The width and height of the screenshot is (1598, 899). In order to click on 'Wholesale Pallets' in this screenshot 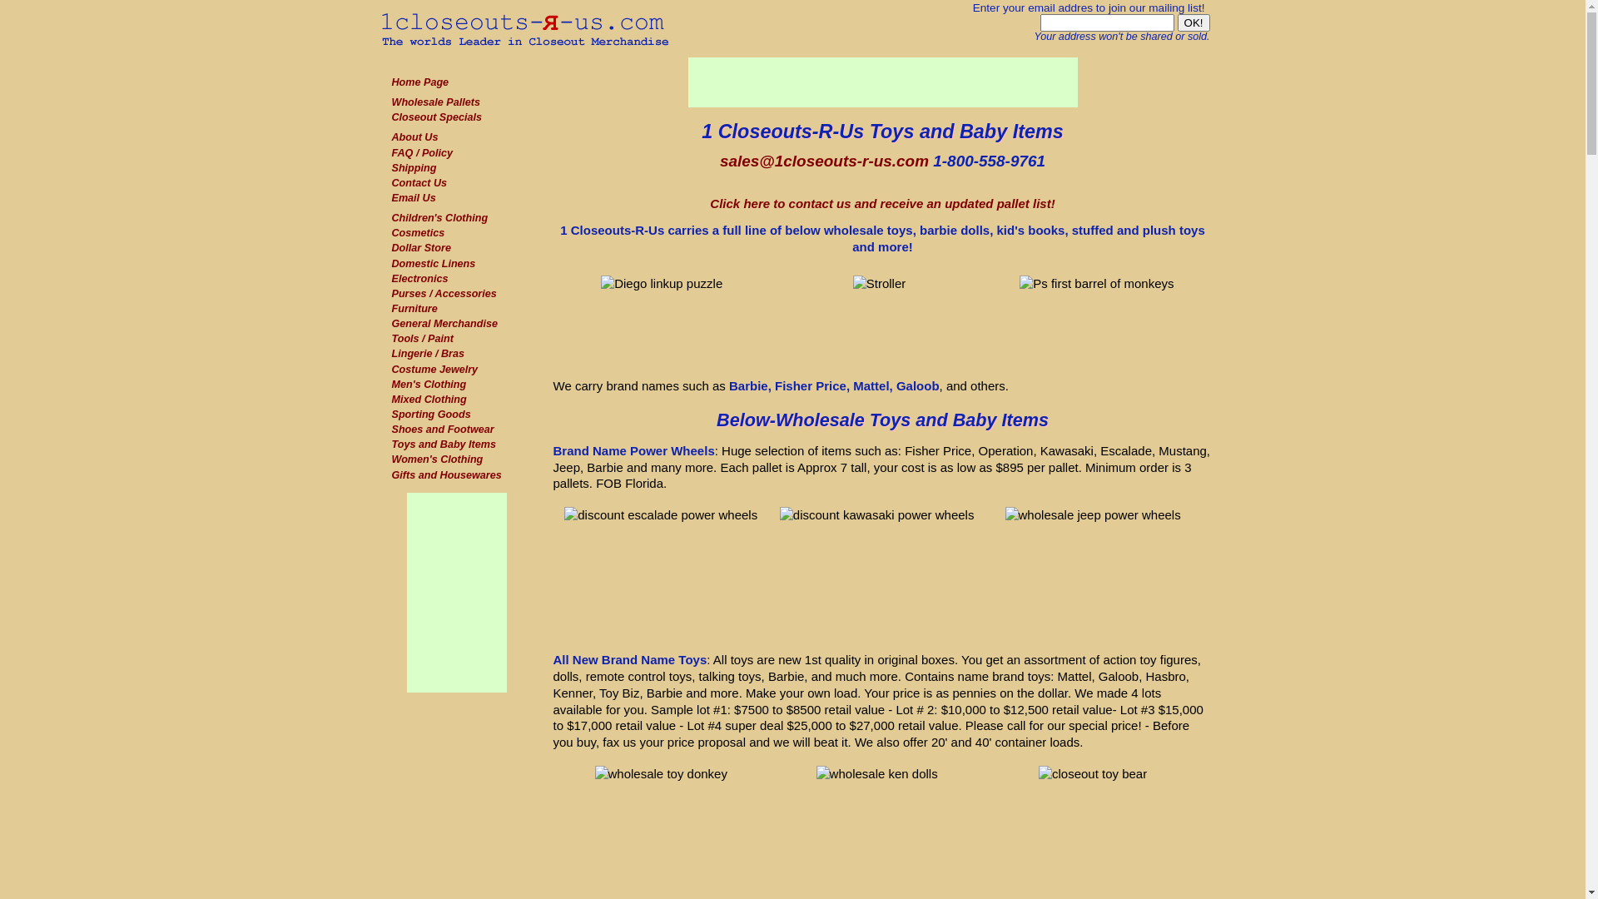, I will do `click(435, 102)`.